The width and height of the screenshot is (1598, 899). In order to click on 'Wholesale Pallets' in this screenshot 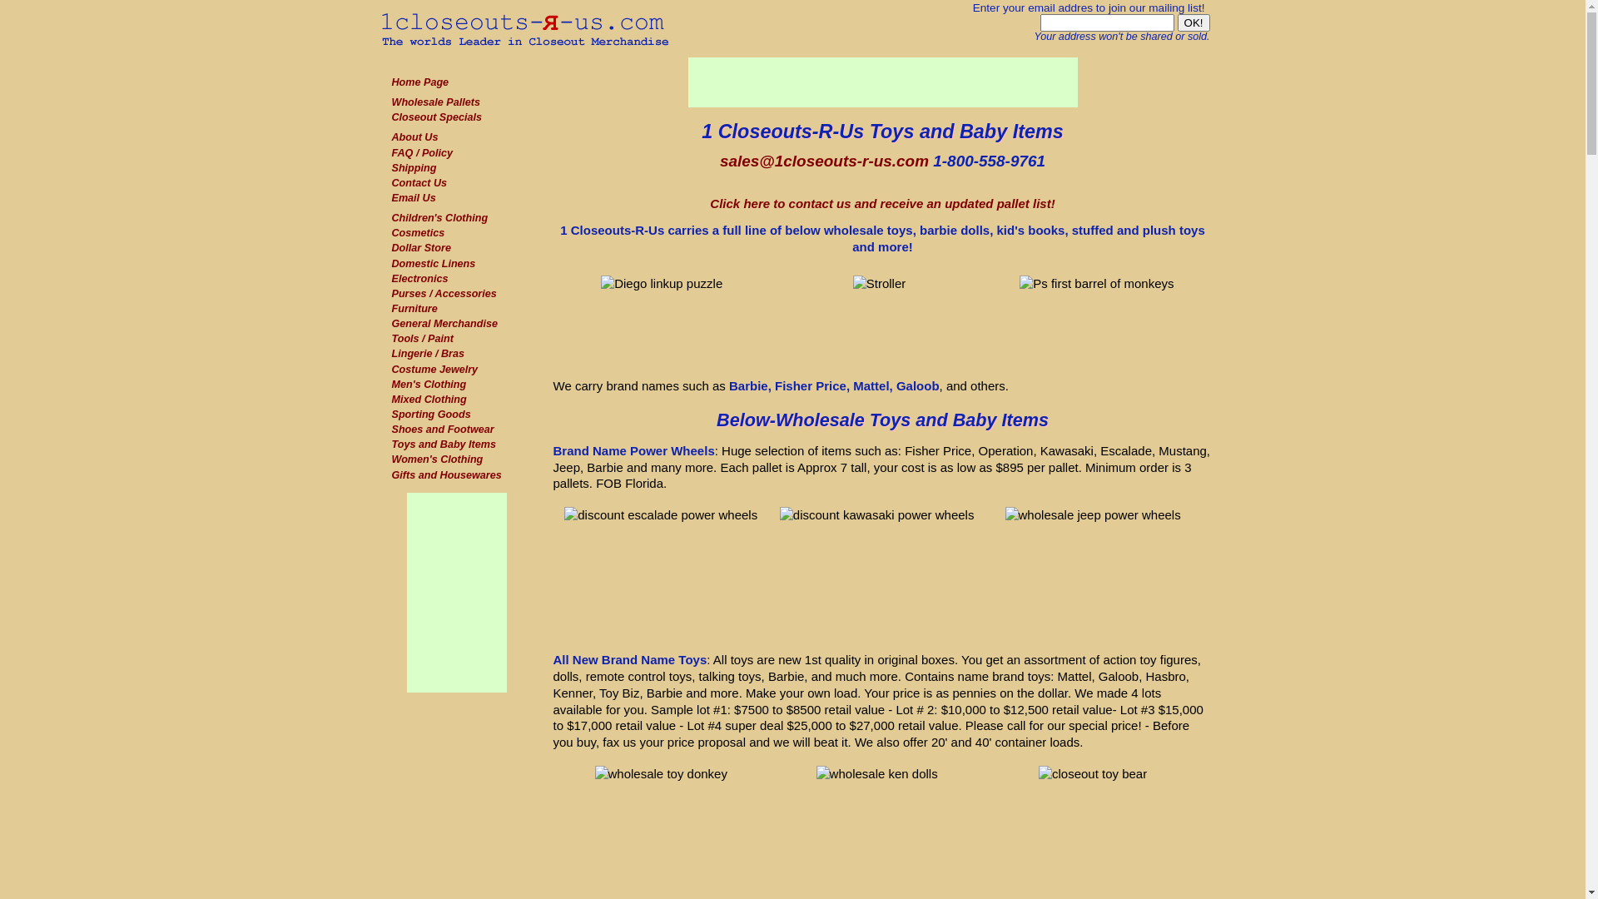, I will do `click(435, 102)`.